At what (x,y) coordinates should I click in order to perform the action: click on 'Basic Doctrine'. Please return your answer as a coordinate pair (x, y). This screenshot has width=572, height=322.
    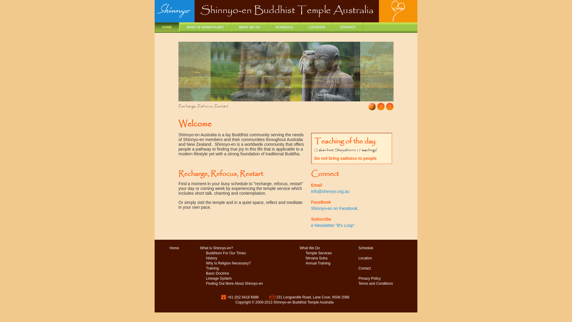
    Looking at the image, I should click on (217, 273).